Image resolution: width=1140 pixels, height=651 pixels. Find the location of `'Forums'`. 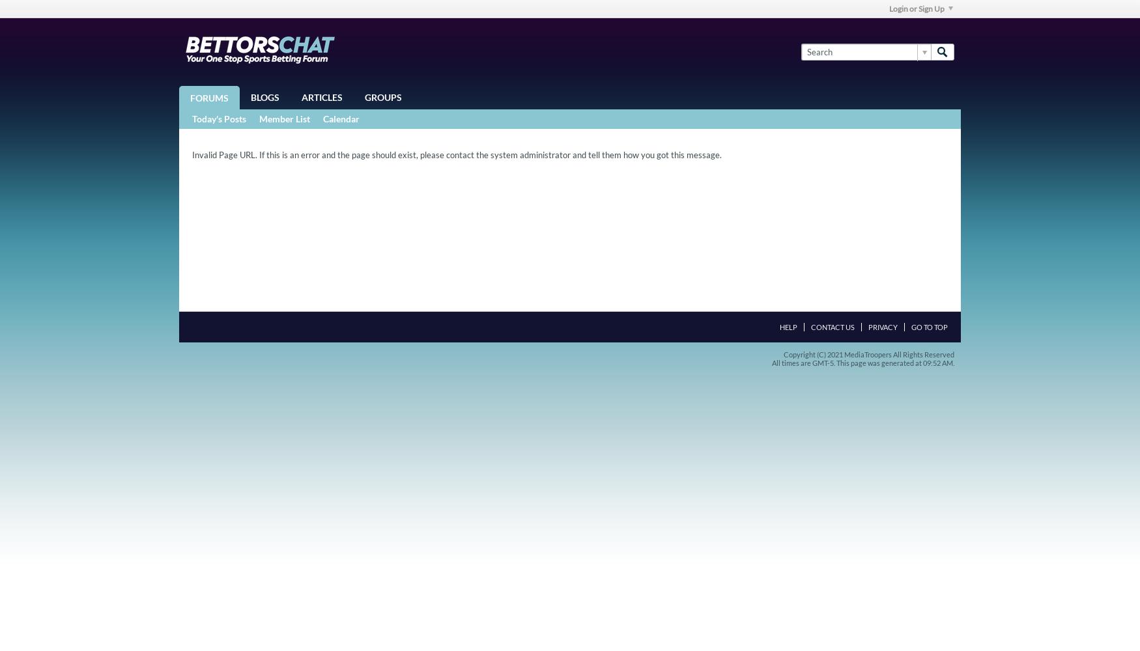

'Forums' is located at coordinates (190, 98).